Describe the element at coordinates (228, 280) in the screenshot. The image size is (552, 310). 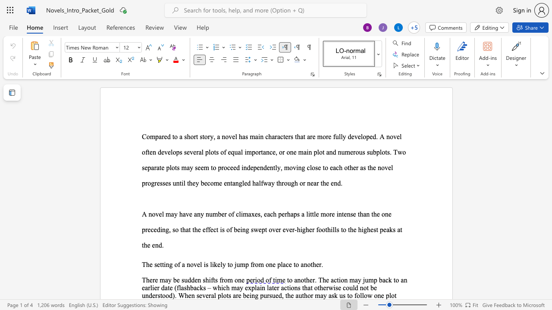
I see `the space between the continuous character "o" and "m" in the text` at that location.